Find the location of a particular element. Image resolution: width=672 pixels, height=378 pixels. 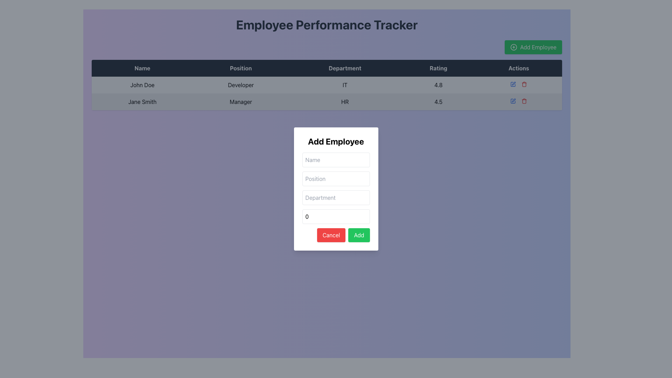

text of the element displaying the name 'John Doe', which is the first item in the row under the 'Name' column of the table is located at coordinates (142, 85).